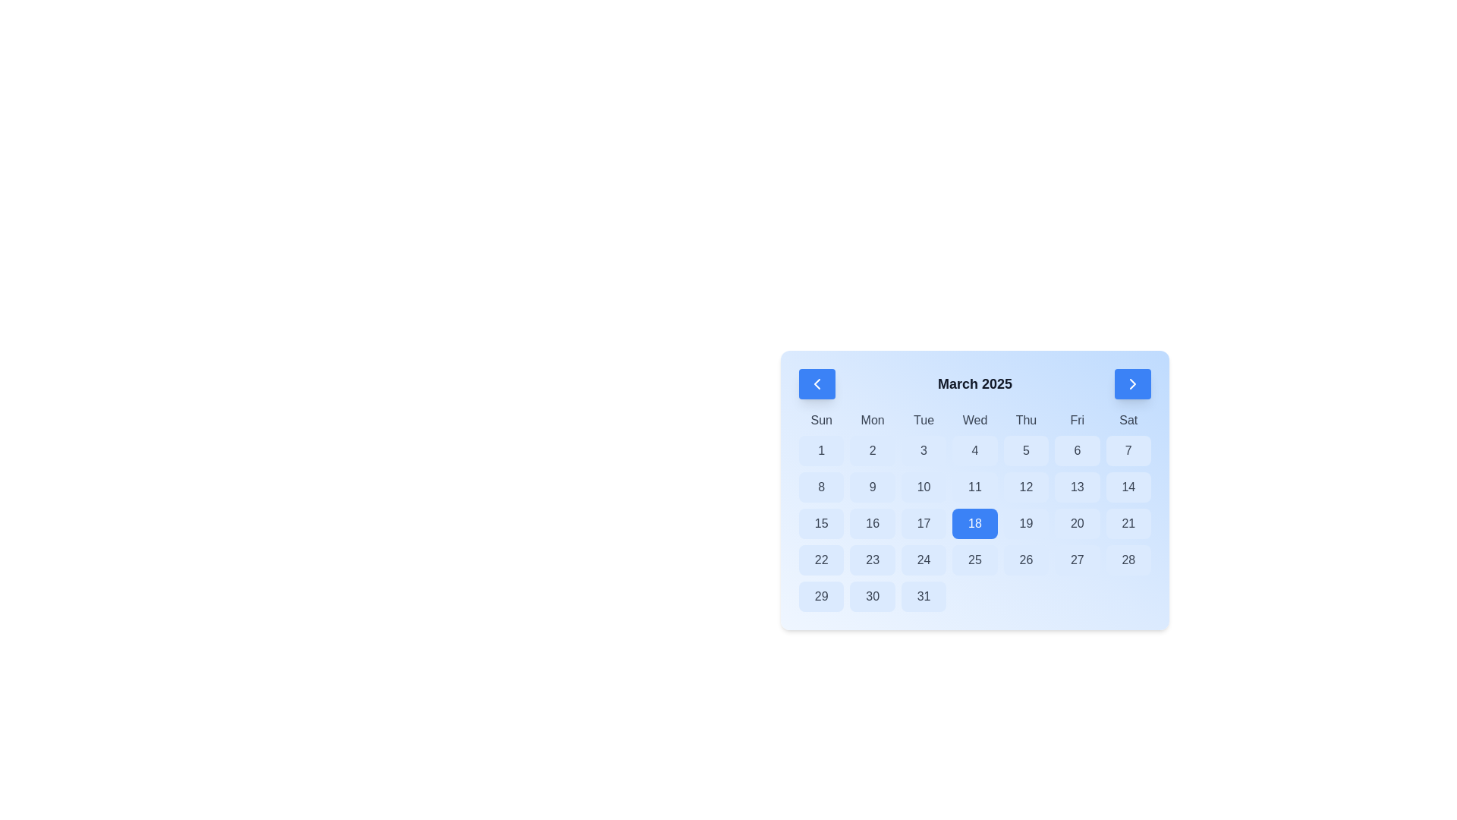 This screenshot has height=820, width=1457. I want to click on the Text Label that indicates the current month and year of the displayed calendar, located centrally between two interactive arrow buttons, so click(975, 383).